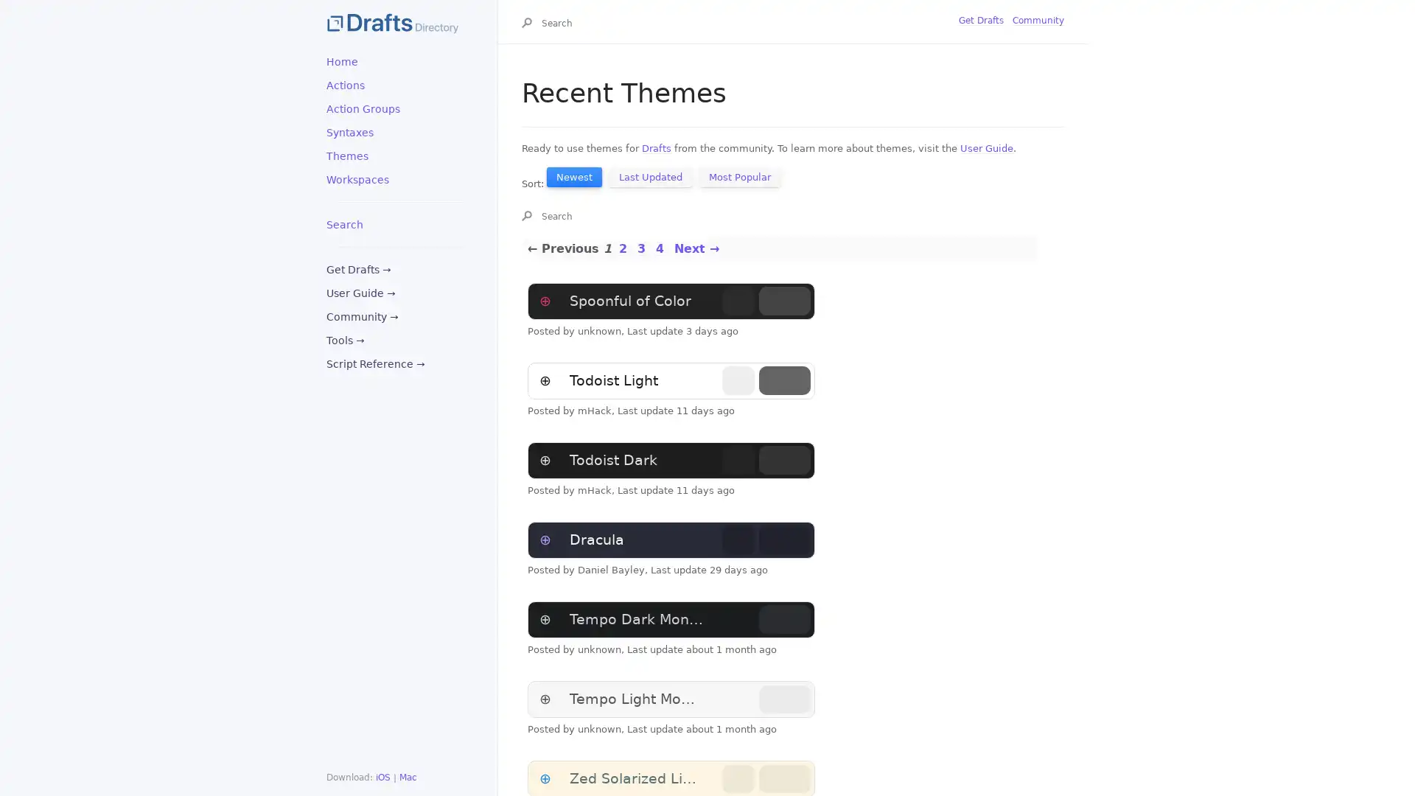  What do you see at coordinates (530, 24) in the screenshot?
I see `Search` at bounding box center [530, 24].